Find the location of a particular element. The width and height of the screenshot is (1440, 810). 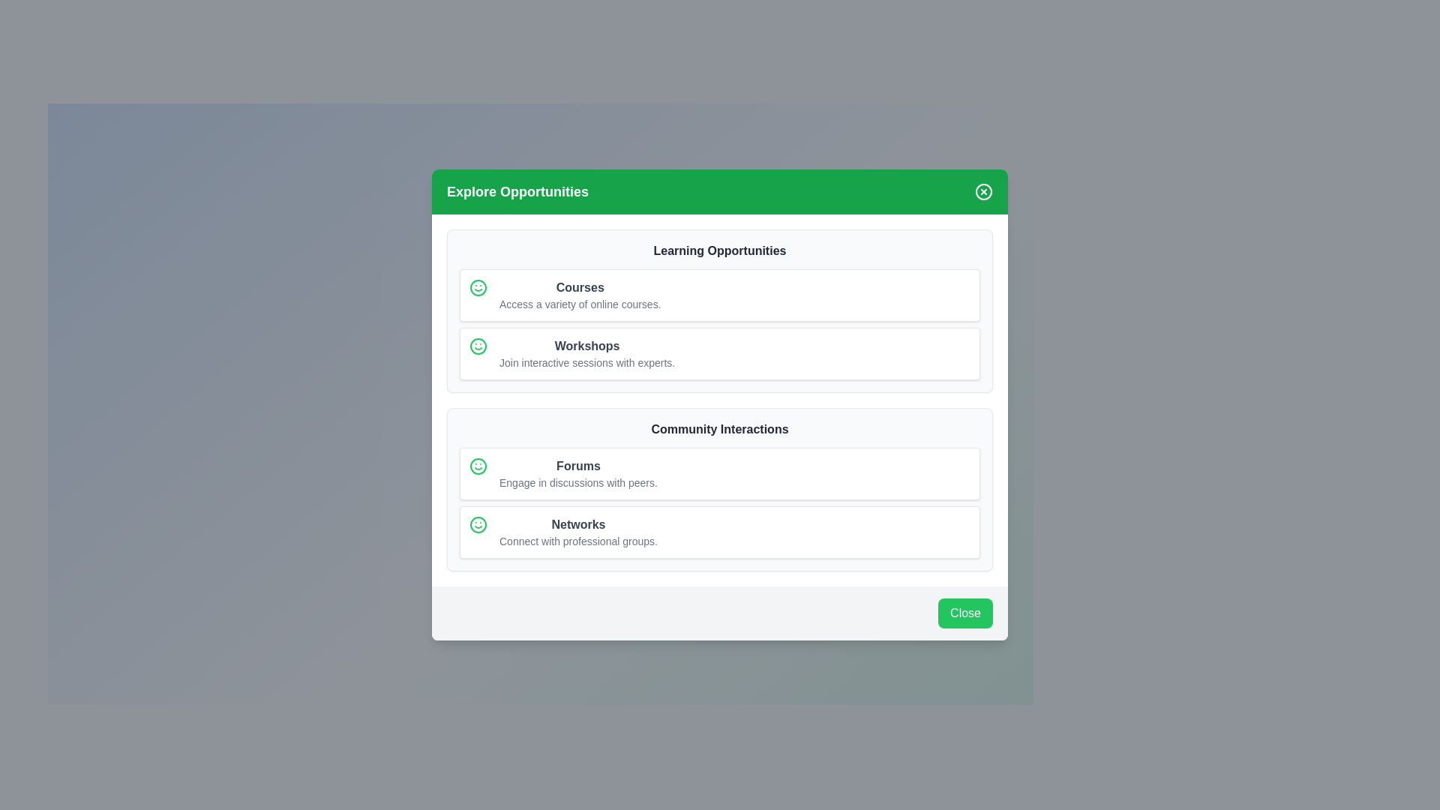

the text 'Forums' displayed in bold gray font within the 'Community Interactions' module for copying is located at coordinates (577, 465).